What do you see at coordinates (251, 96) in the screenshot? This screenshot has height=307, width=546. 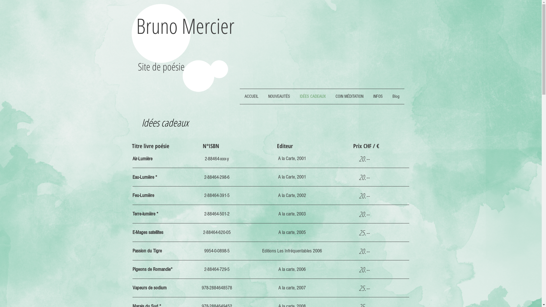 I see `'ACCUEIL'` at bounding box center [251, 96].